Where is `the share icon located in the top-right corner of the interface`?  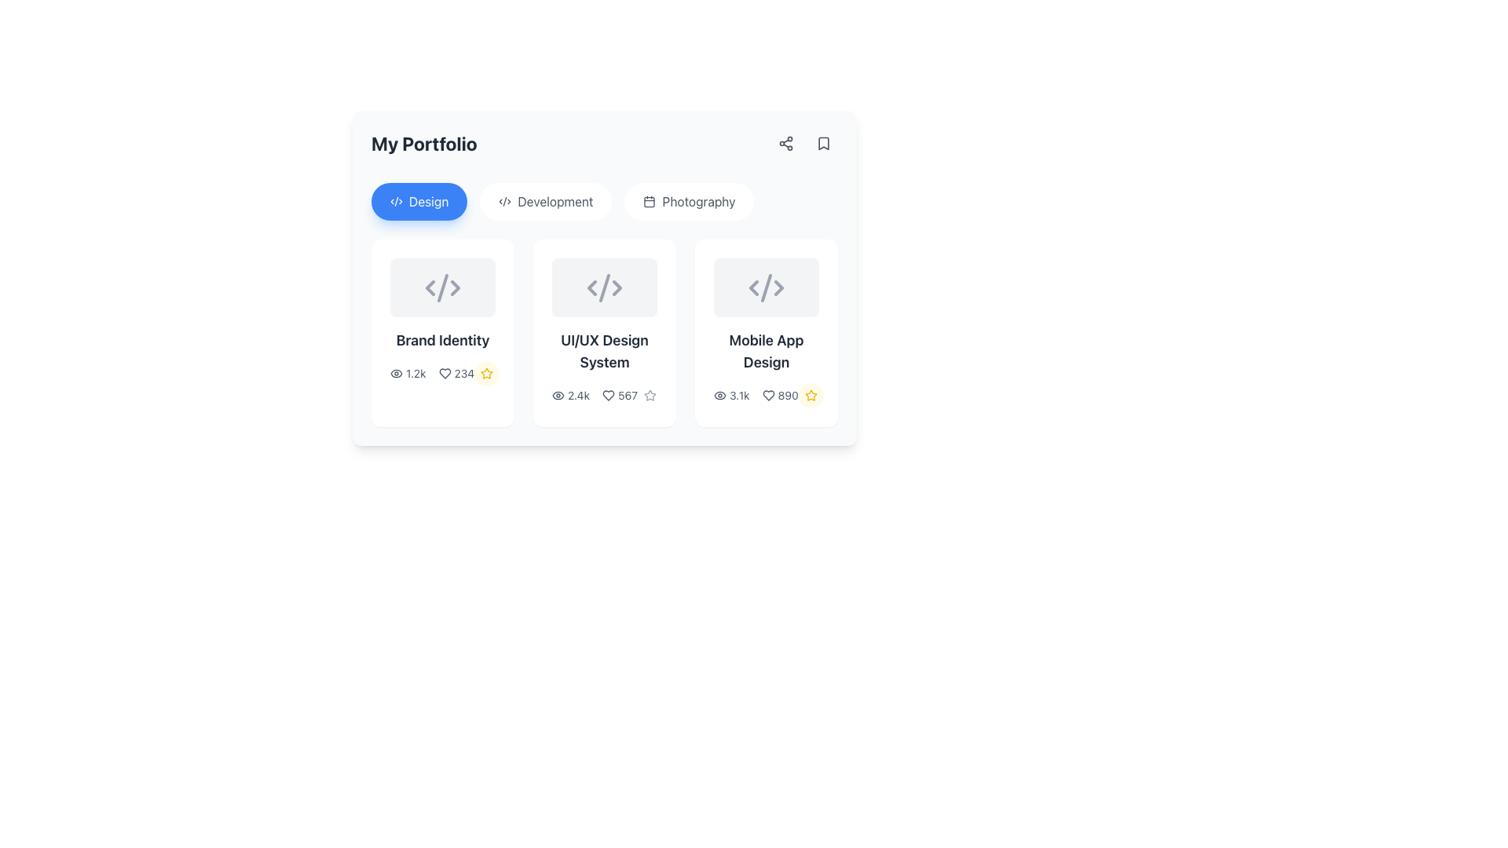
the share icon located in the top-right corner of the interface is located at coordinates (786, 143).